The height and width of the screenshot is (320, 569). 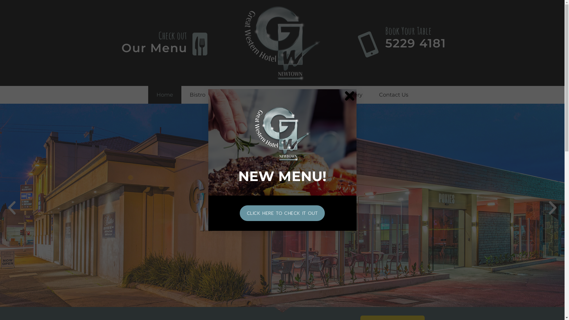 I want to click on 'Home', so click(x=148, y=95).